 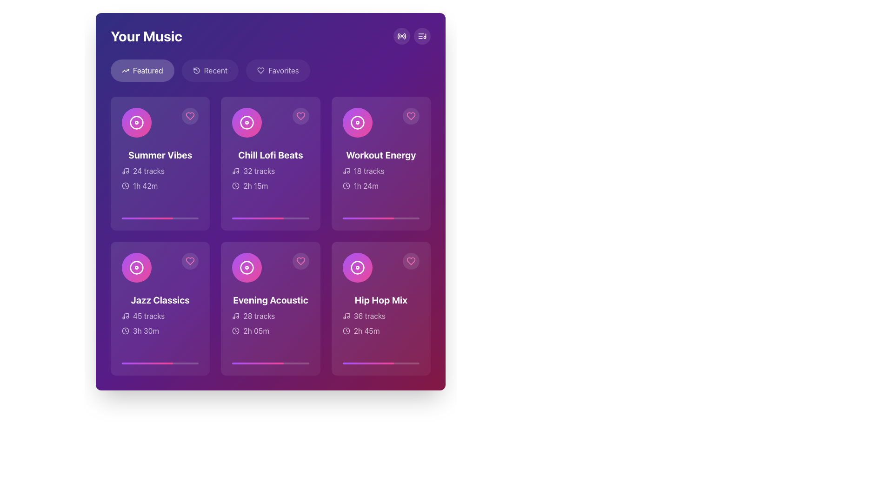 I want to click on text label displaying 'Workout Energy' which is in a bold, large font on a purple background, located in the upper portion of the third card in the top row, so click(x=381, y=155).